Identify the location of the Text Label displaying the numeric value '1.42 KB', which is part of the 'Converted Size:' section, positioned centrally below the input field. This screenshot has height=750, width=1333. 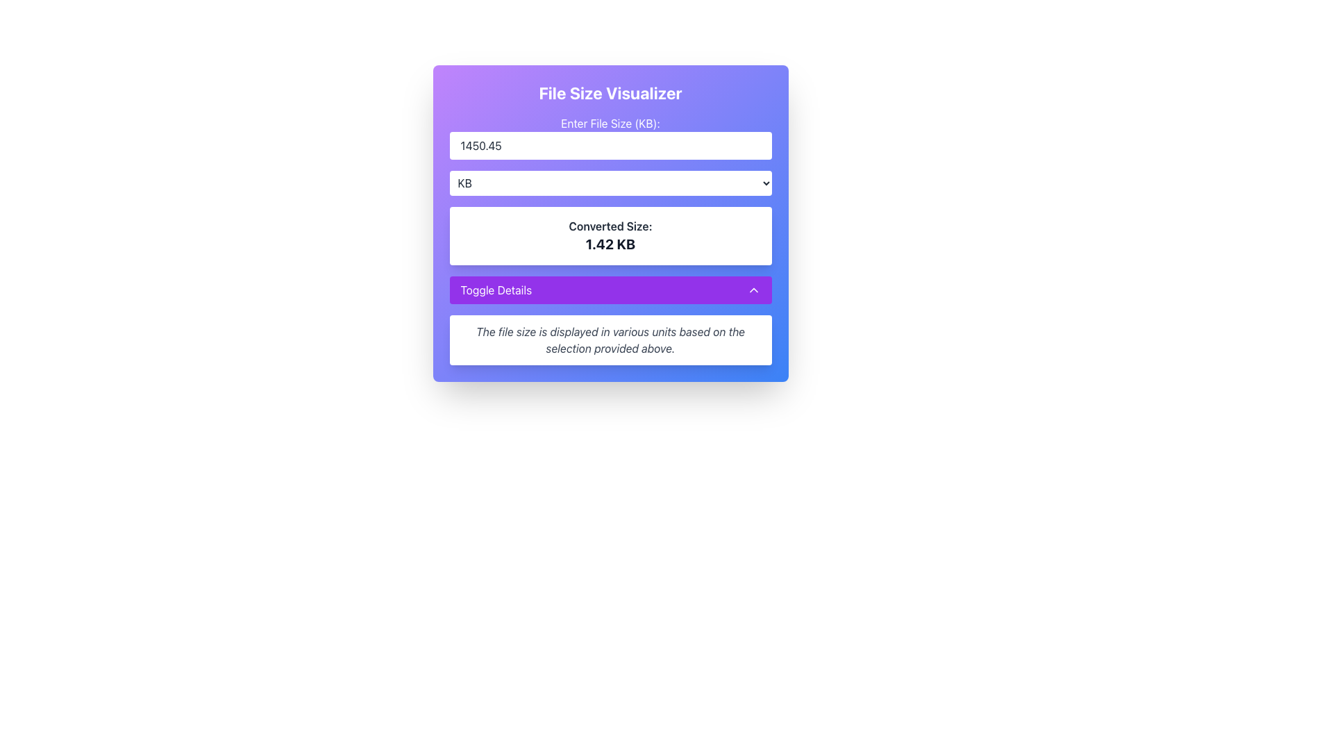
(610, 243).